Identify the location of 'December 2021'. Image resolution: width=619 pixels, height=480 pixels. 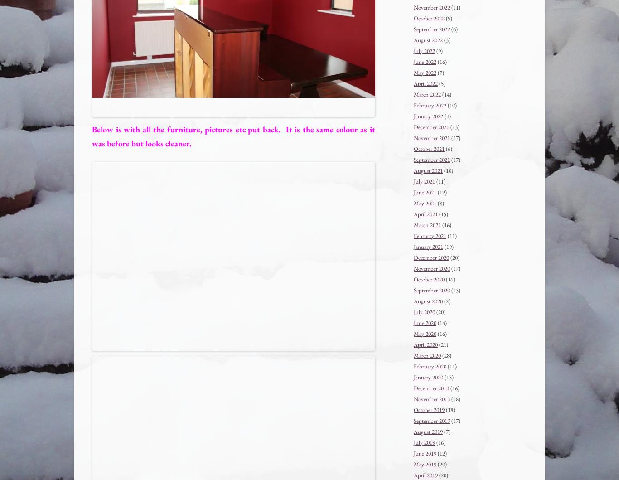
(431, 126).